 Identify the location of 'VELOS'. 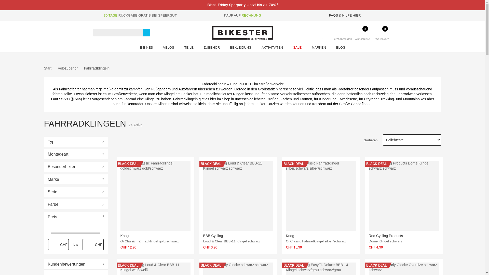
(168, 48).